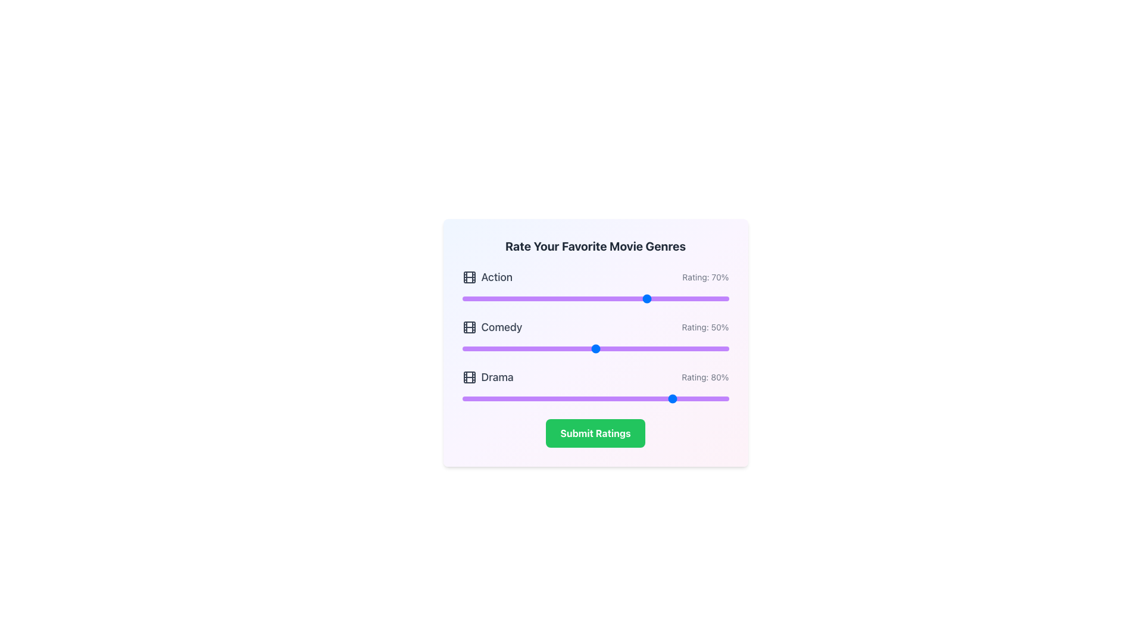  What do you see at coordinates (492, 327) in the screenshot?
I see `text label 'Comedy' which is styled in medium gray font, located below 'Action' and above 'Drama' in the movie genre list` at bounding box center [492, 327].